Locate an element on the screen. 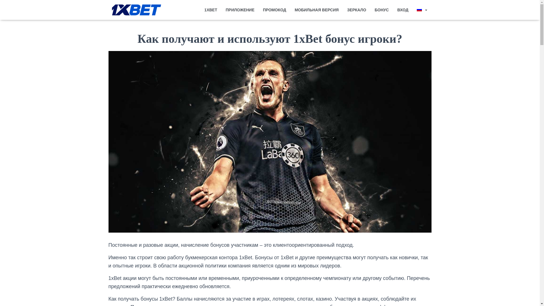  '1XBET' is located at coordinates (210, 10).